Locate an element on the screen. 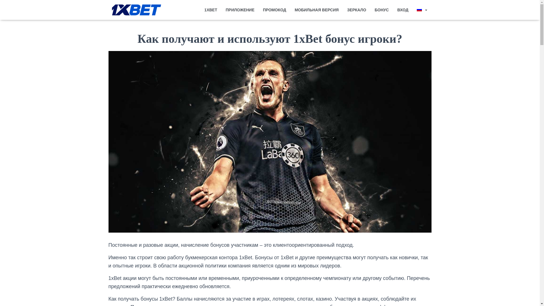  '1XBET' is located at coordinates (210, 10).